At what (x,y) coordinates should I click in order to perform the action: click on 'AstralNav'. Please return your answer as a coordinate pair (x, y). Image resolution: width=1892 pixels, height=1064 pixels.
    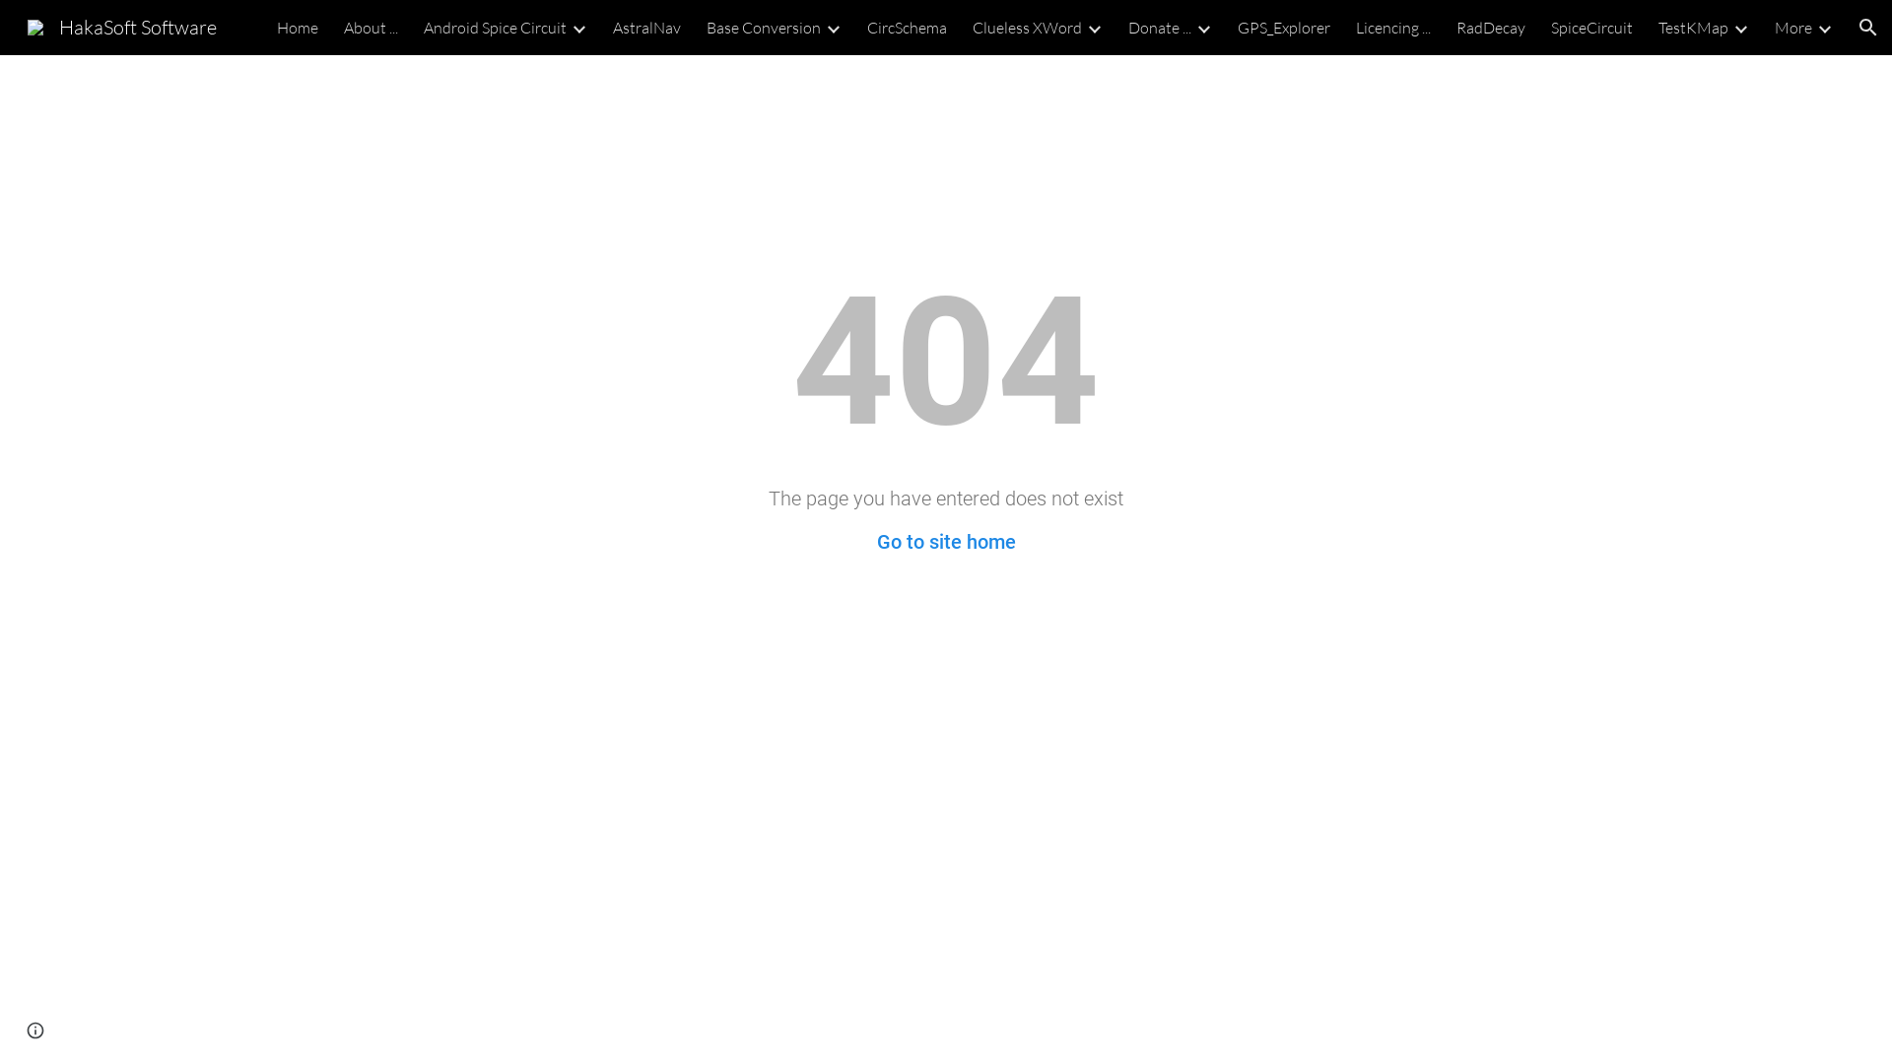
    Looking at the image, I should click on (646, 27).